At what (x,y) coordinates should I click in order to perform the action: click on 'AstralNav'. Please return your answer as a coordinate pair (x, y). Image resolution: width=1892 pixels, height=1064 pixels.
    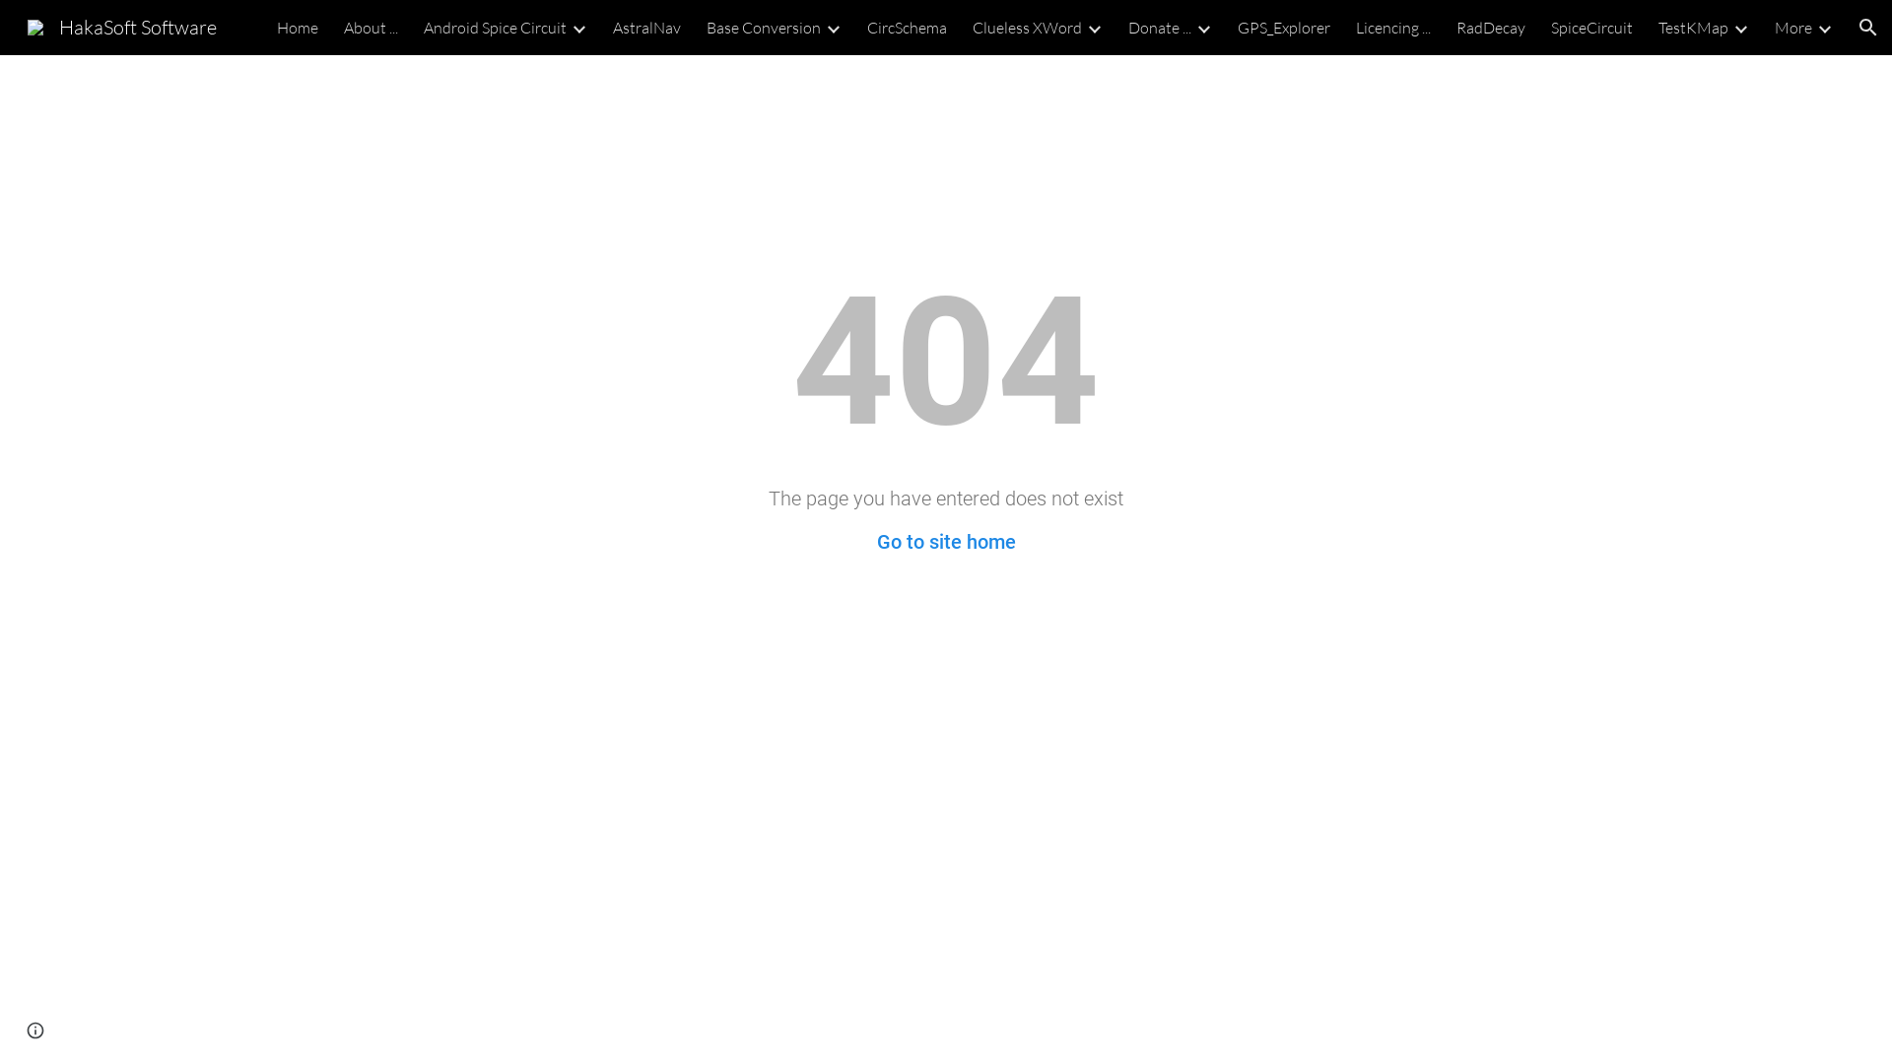
    Looking at the image, I should click on (646, 27).